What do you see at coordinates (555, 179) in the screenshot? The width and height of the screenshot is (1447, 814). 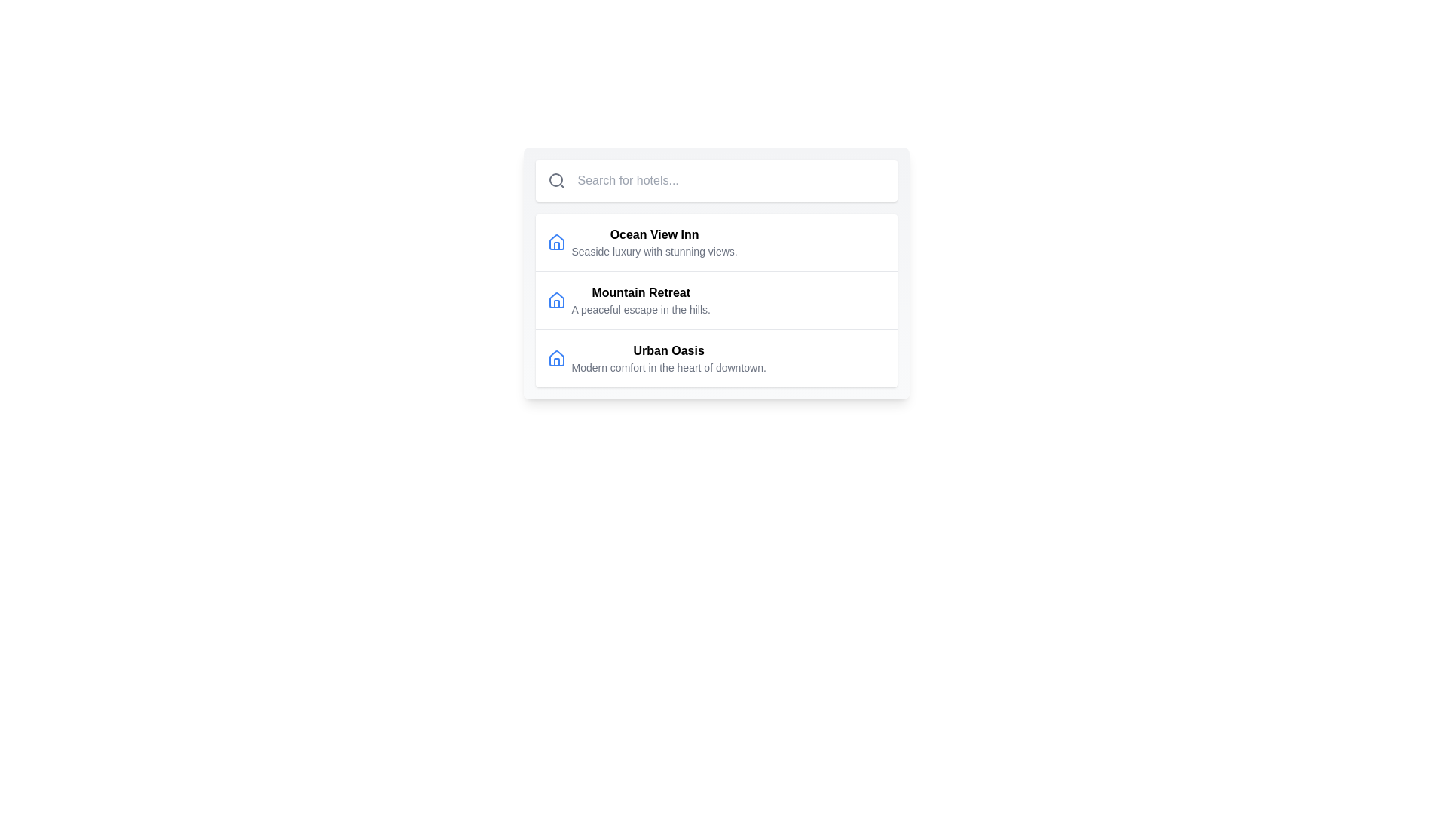 I see `the circular graphical element with a thin, dark border that forms the rim of the lens within the magnifying glass icon, located to the left of the 'Search for hotels...' text input field` at bounding box center [555, 179].